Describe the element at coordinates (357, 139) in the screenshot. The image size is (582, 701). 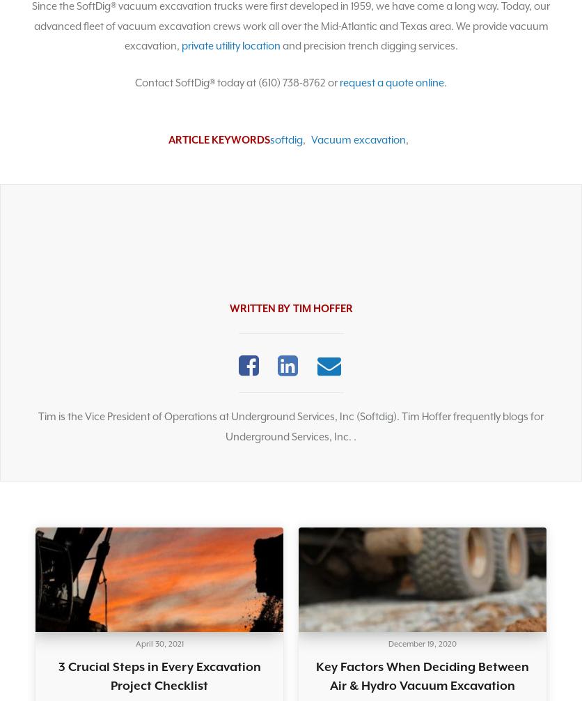
I see `'Vacuum excavation'` at that location.